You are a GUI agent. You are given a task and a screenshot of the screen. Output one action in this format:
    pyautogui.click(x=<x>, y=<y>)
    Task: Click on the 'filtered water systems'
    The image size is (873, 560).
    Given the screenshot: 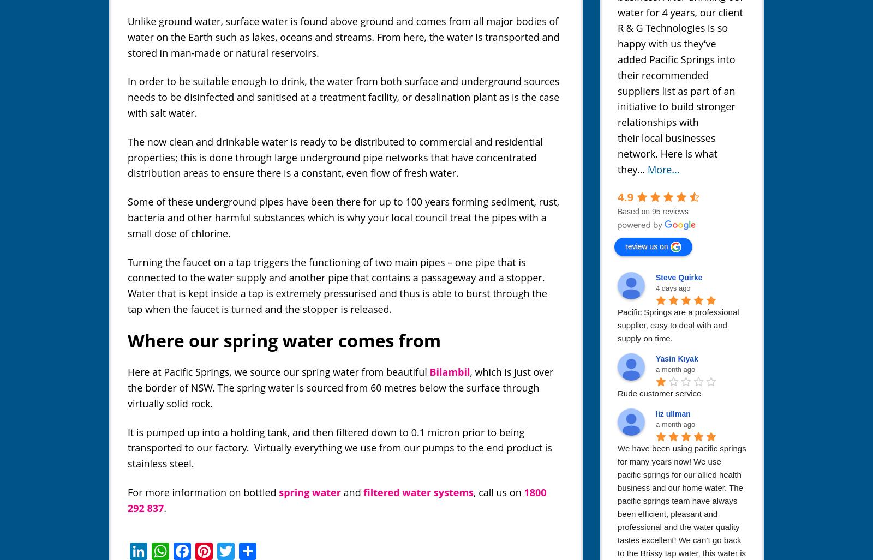 What is the action you would take?
    pyautogui.click(x=418, y=491)
    